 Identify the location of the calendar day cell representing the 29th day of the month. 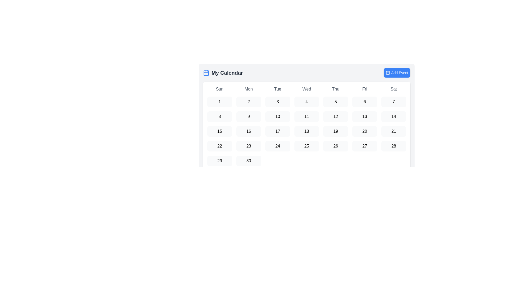
(219, 160).